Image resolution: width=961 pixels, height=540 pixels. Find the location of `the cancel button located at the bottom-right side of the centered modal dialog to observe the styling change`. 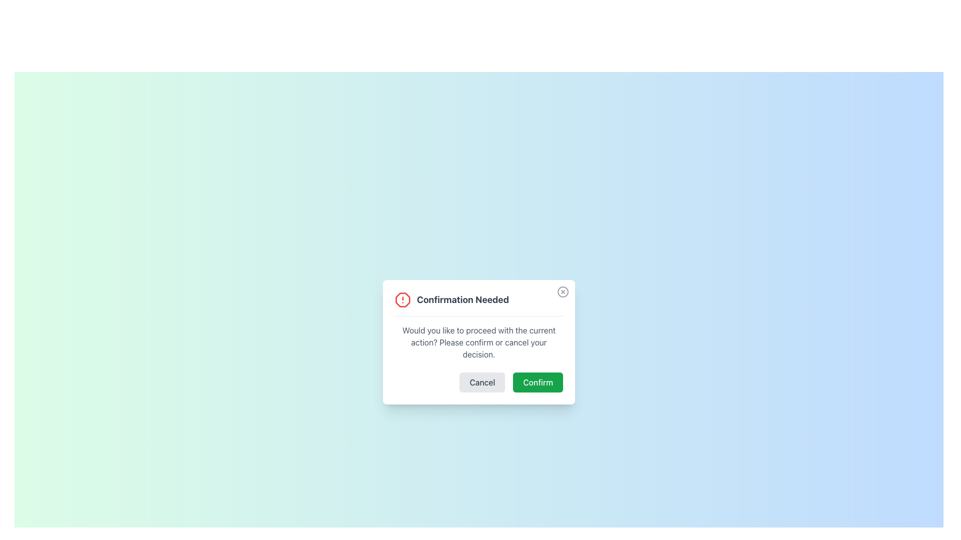

the cancel button located at the bottom-right side of the centered modal dialog to observe the styling change is located at coordinates (483, 382).